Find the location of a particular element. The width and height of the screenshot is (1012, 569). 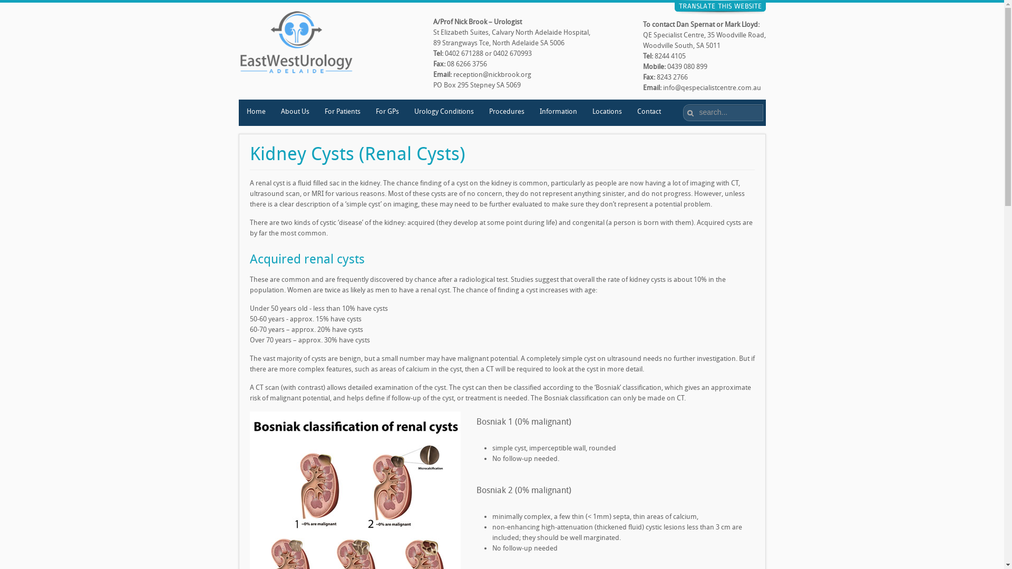

'For GPs' is located at coordinates (386, 112).